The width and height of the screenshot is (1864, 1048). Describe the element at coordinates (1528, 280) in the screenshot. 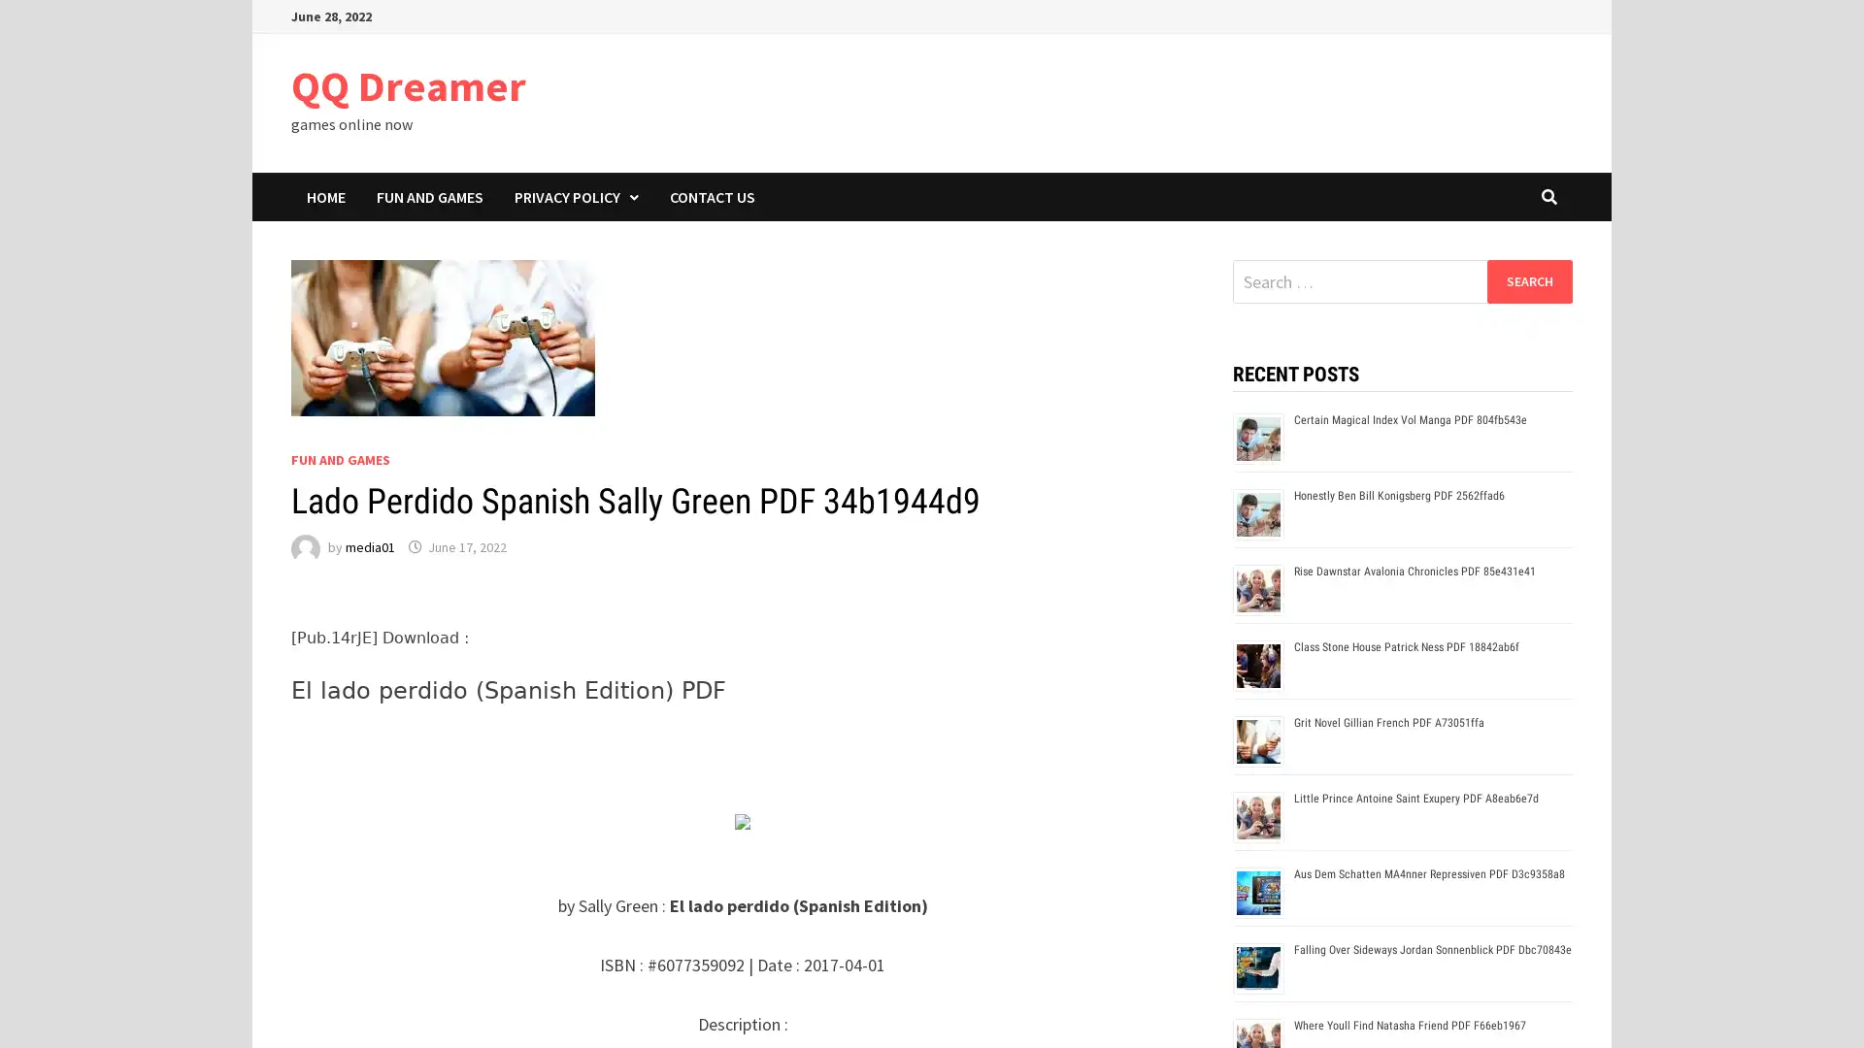

I see `Search` at that location.